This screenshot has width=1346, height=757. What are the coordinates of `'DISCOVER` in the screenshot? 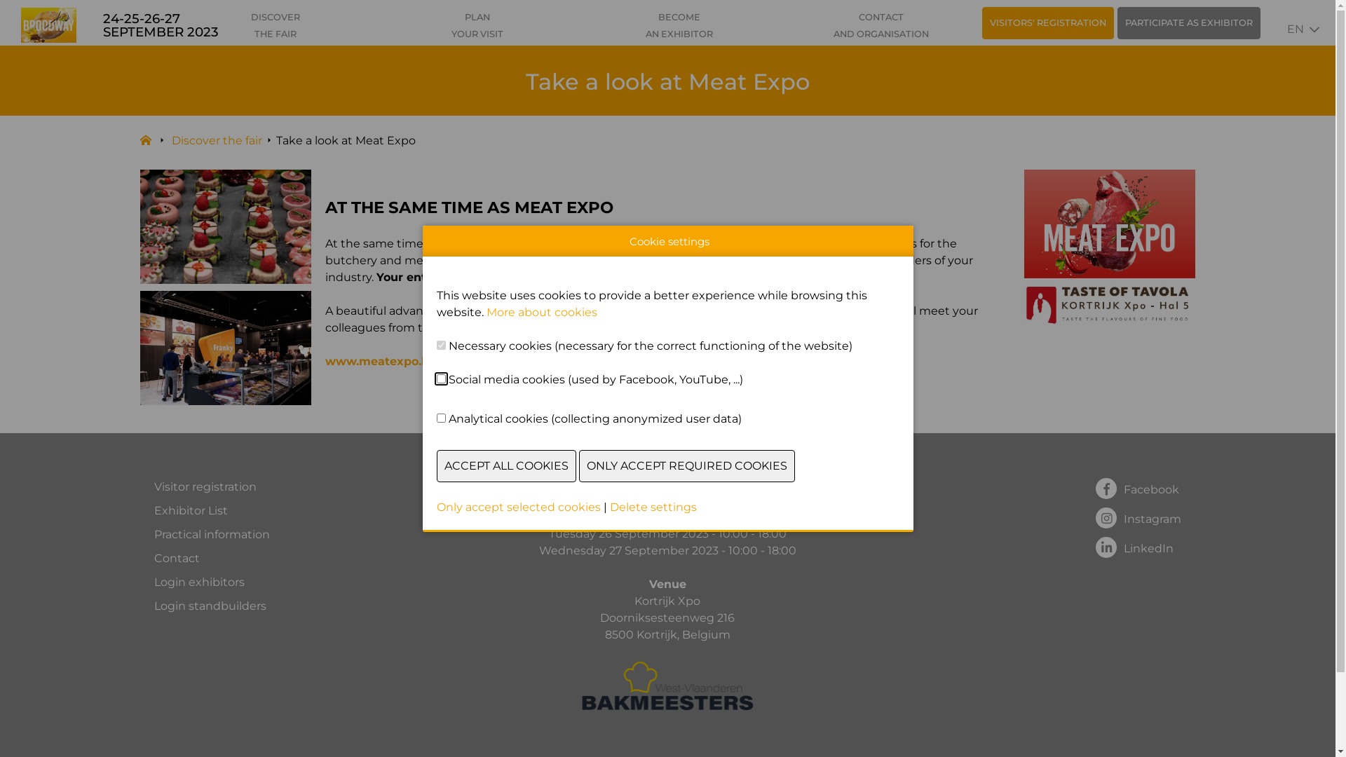 It's located at (276, 26).